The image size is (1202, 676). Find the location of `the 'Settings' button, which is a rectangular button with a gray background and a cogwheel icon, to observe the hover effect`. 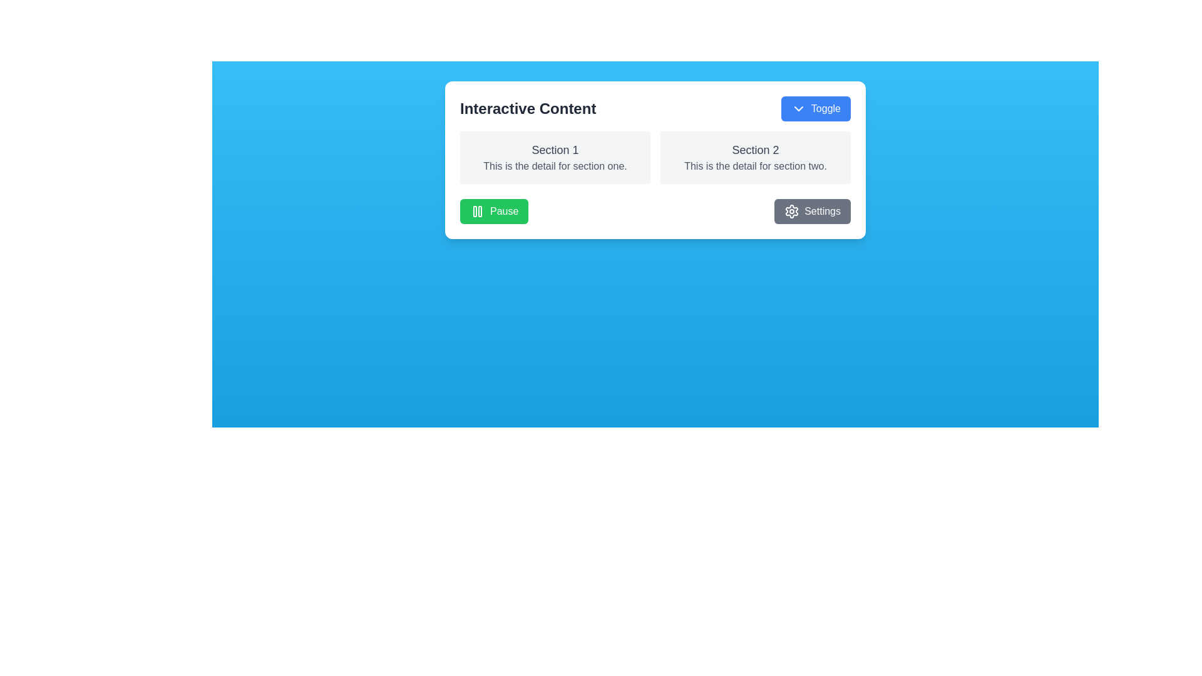

the 'Settings' button, which is a rectangular button with a gray background and a cogwheel icon, to observe the hover effect is located at coordinates (813, 211).